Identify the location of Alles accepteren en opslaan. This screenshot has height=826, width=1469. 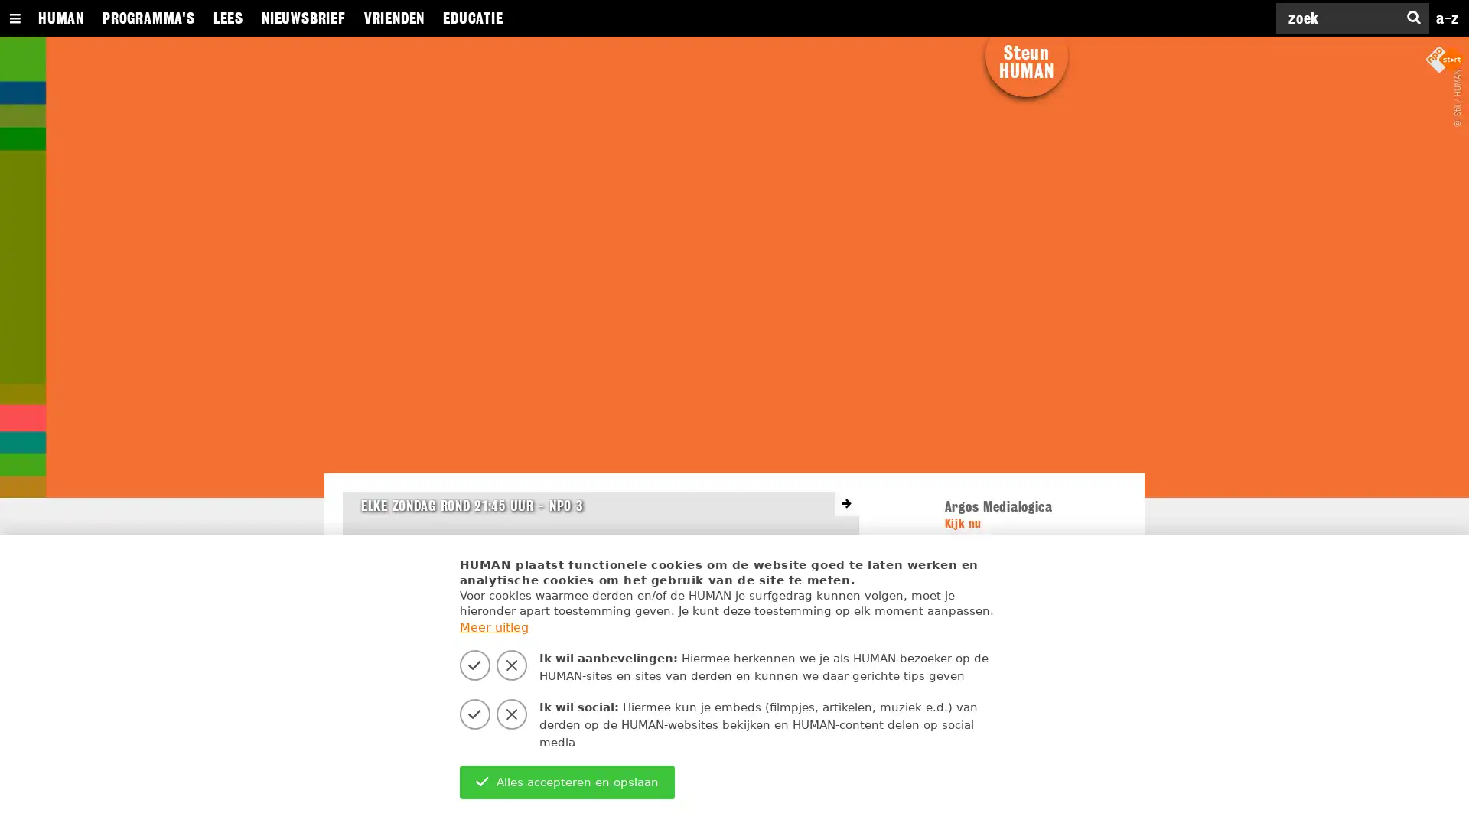
(565, 782).